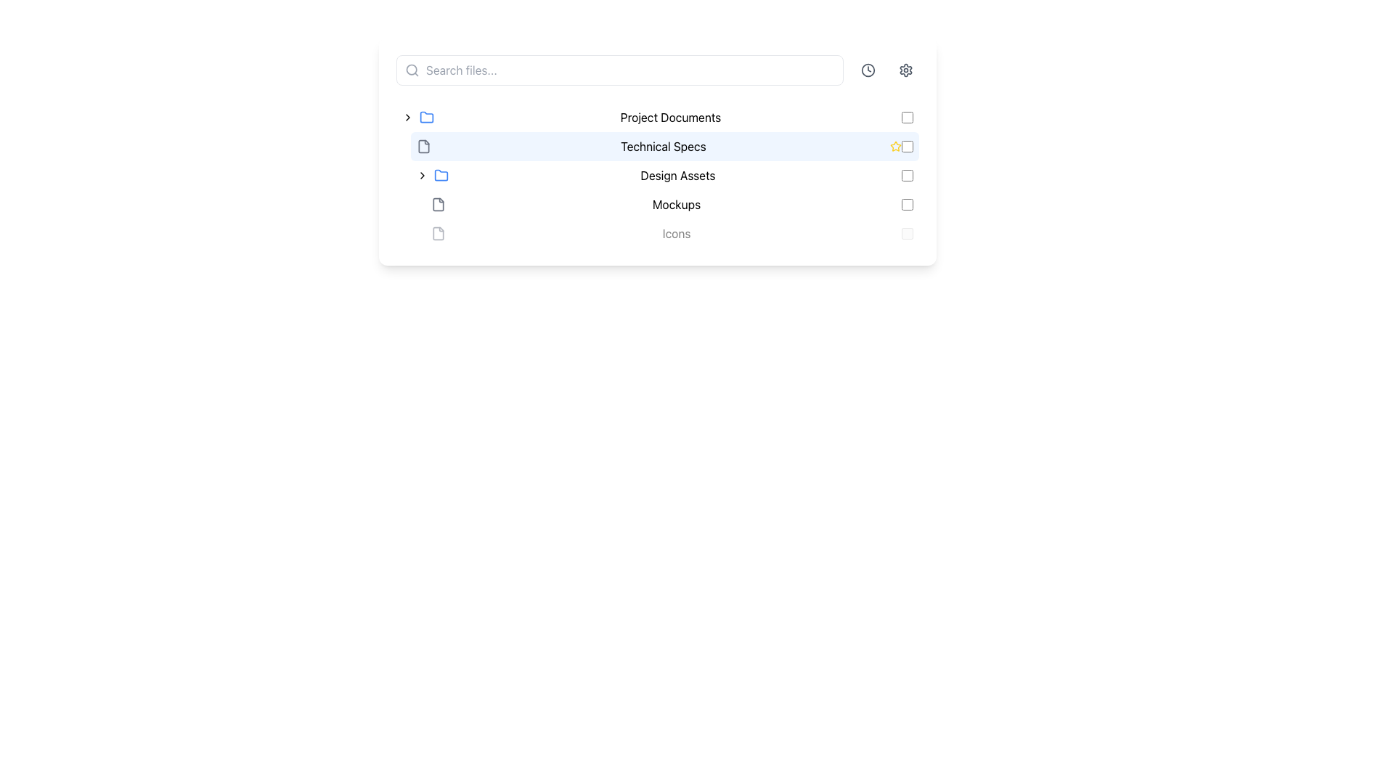  Describe the element at coordinates (894, 146) in the screenshot. I see `the yellow star-shaped icon located to the right of the 'Technical Specs' text entry` at that location.